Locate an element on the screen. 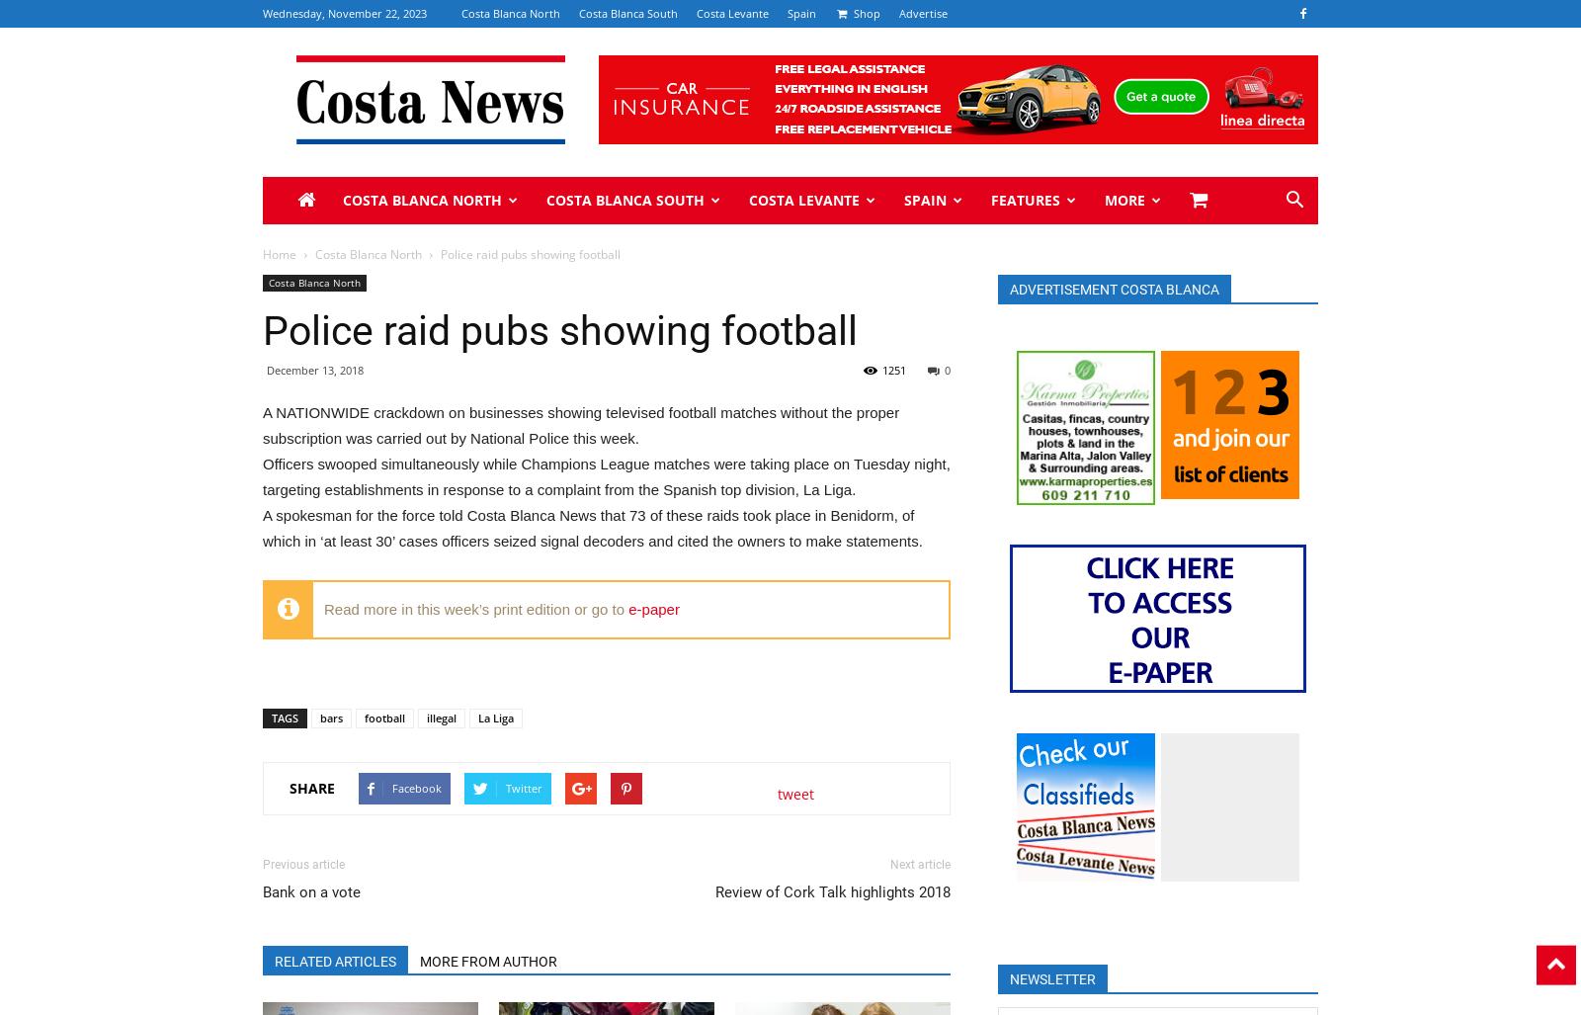 Image resolution: width=1581 pixels, height=1015 pixels. 'Facebook' is located at coordinates (415, 786).